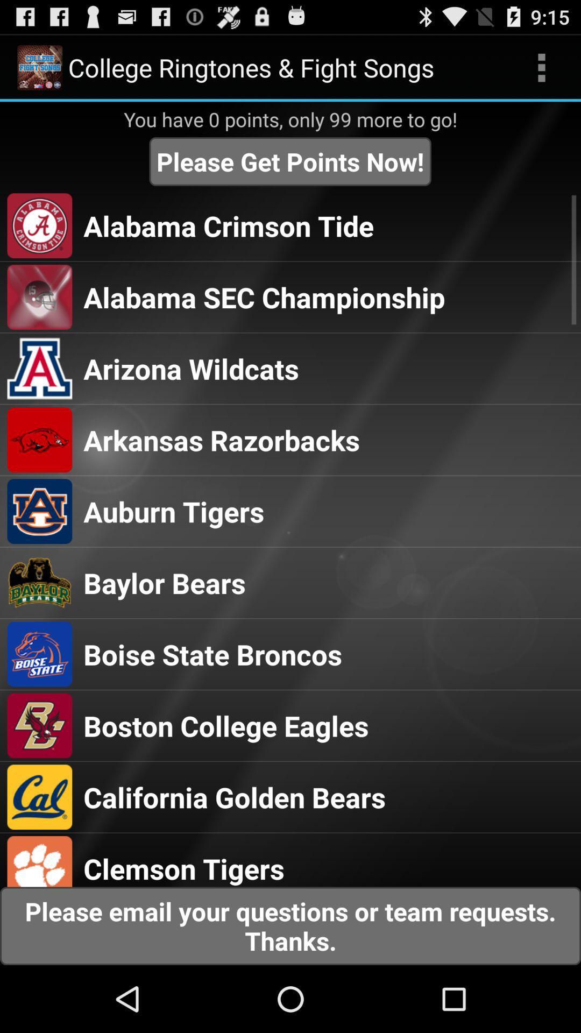 The image size is (581, 1033). Describe the element at coordinates (164, 582) in the screenshot. I see `baylor bears icon` at that location.